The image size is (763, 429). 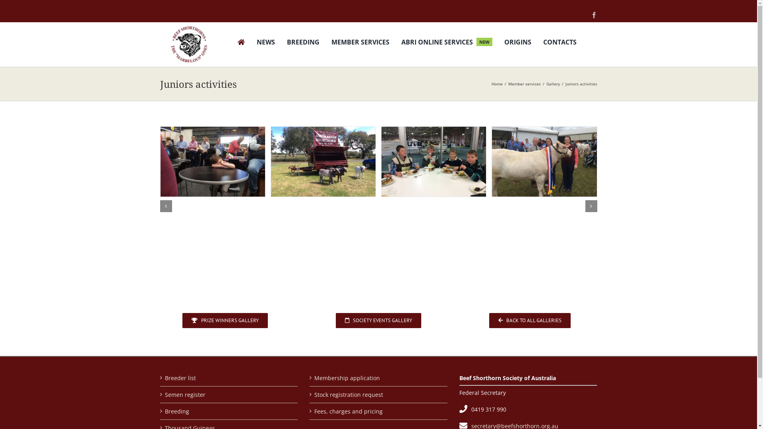 What do you see at coordinates (229, 394) in the screenshot?
I see `'Semen register'` at bounding box center [229, 394].